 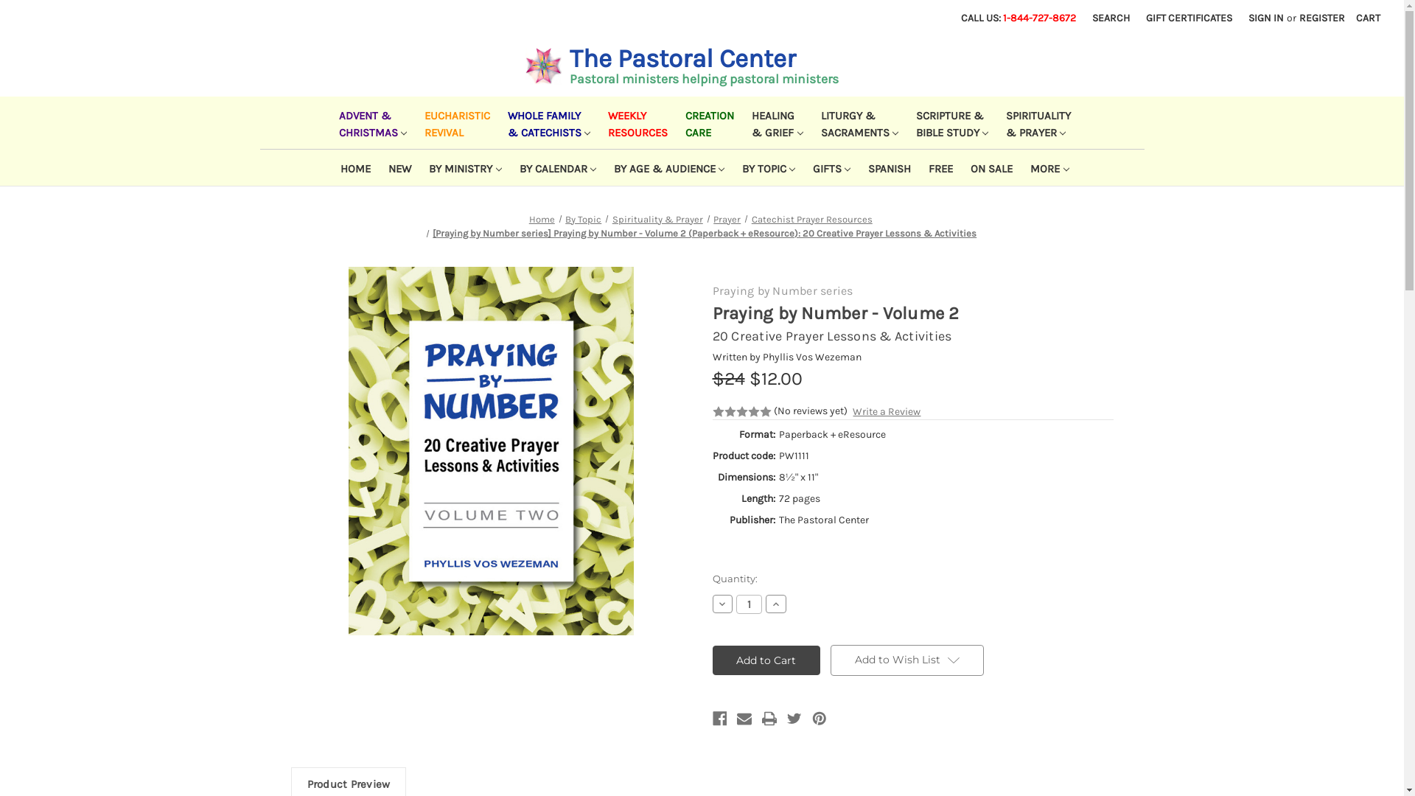 I want to click on 'GIFT CERTIFICATES', so click(x=1189, y=18).